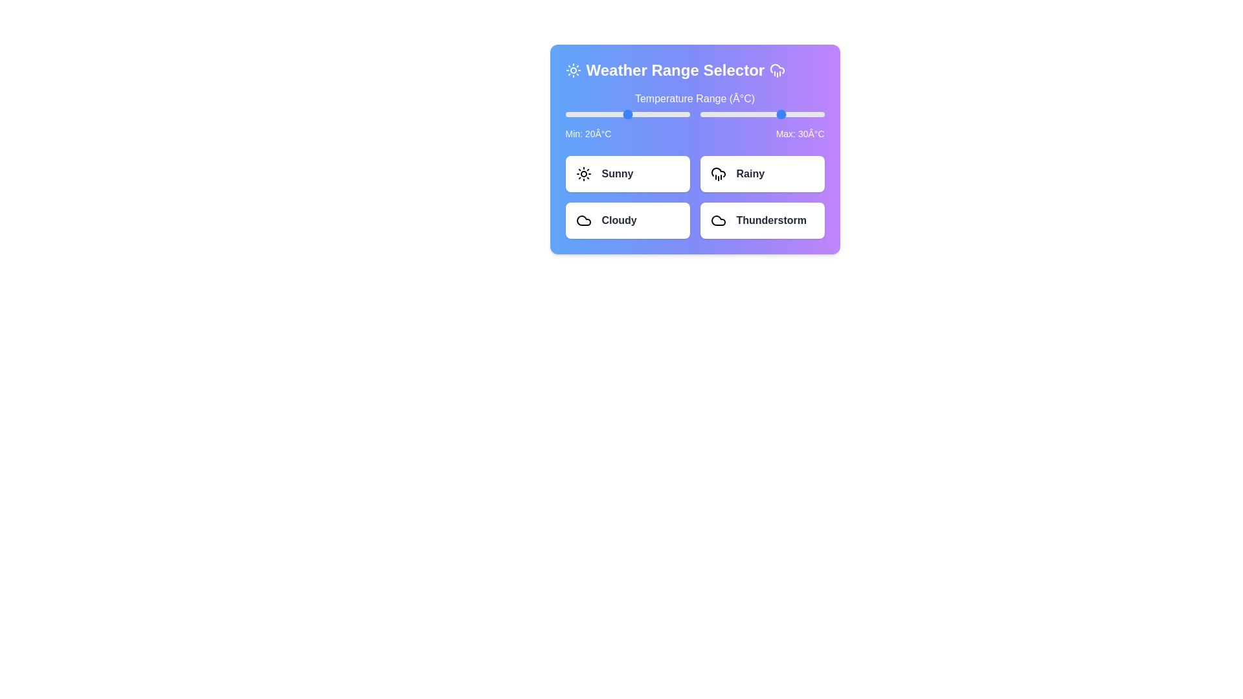  I want to click on the maximum temperature slider to 4°C, so click(729, 114).